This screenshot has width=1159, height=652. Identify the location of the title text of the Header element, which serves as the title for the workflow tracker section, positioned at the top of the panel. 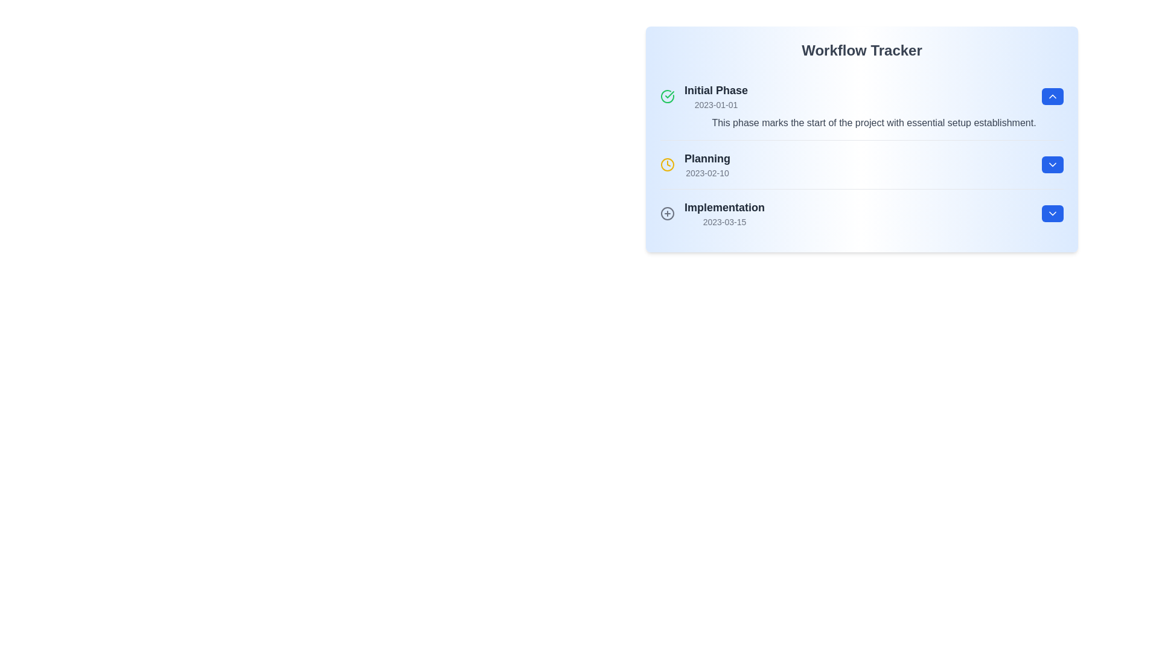
(861, 50).